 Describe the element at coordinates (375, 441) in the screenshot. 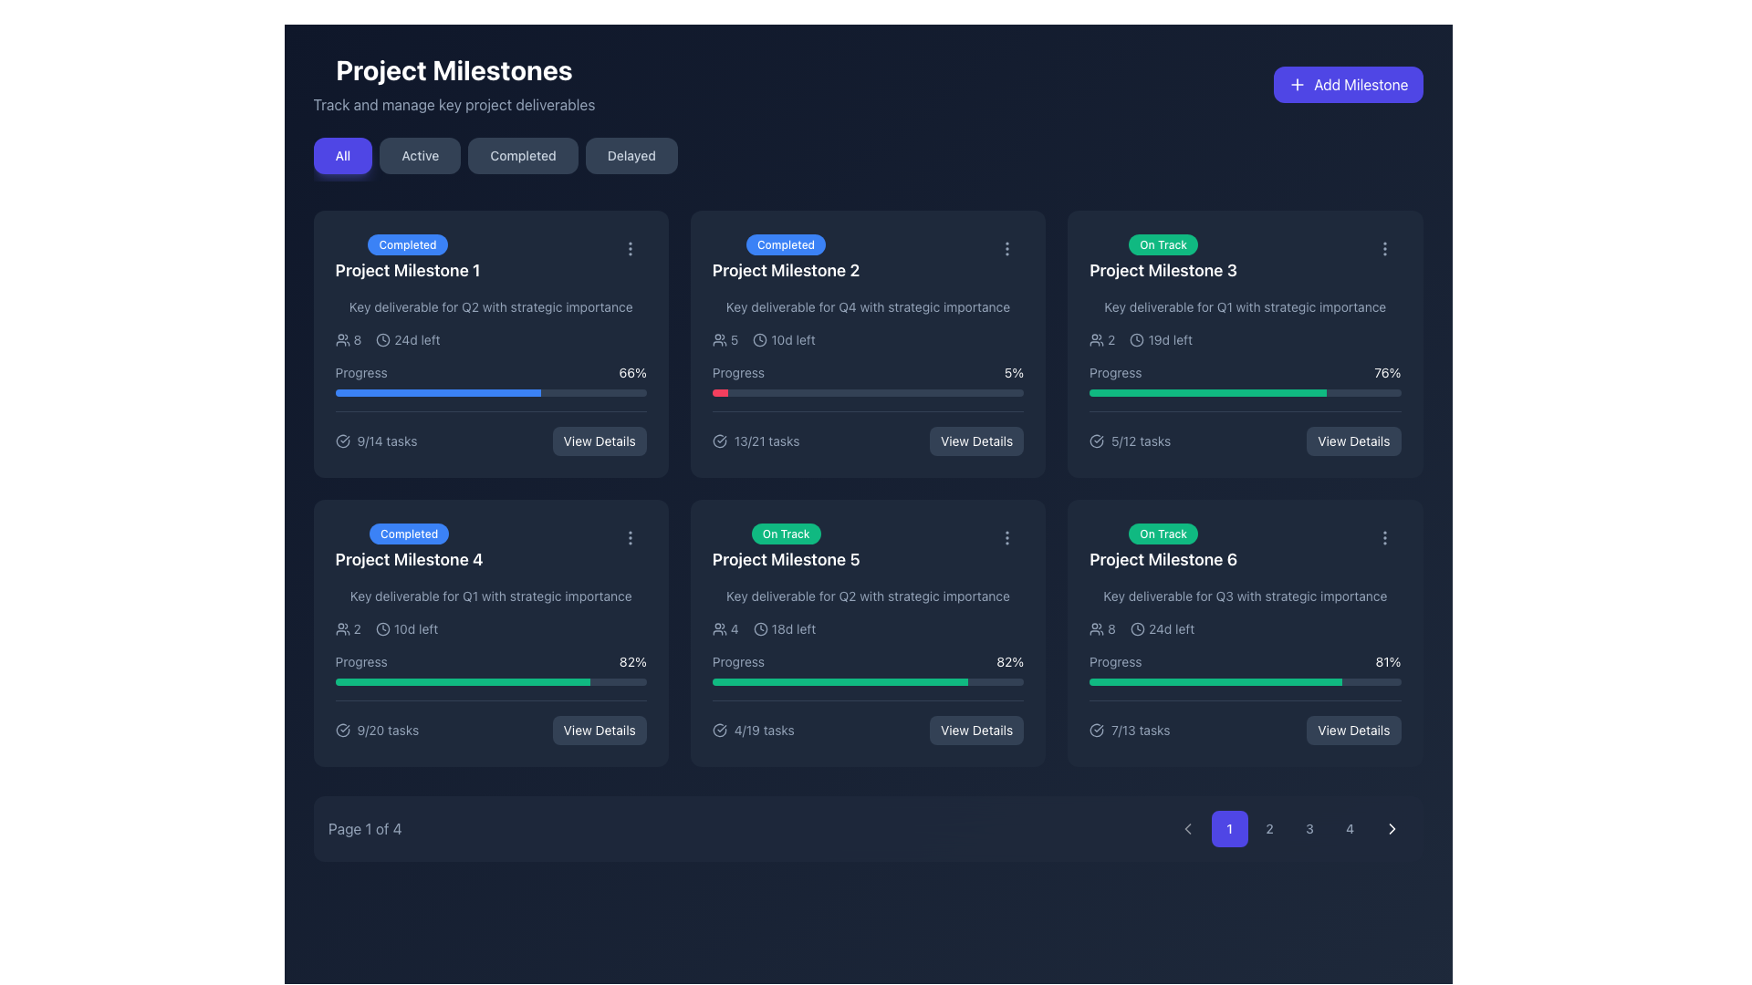

I see `the informational label displaying '9/14 tasks' with a tick icon` at that location.